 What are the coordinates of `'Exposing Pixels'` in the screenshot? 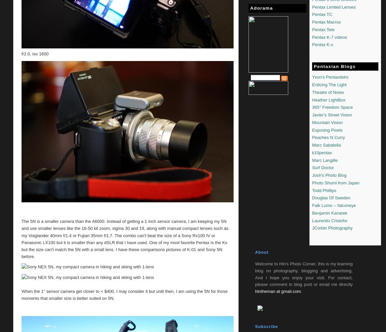 It's located at (312, 129).